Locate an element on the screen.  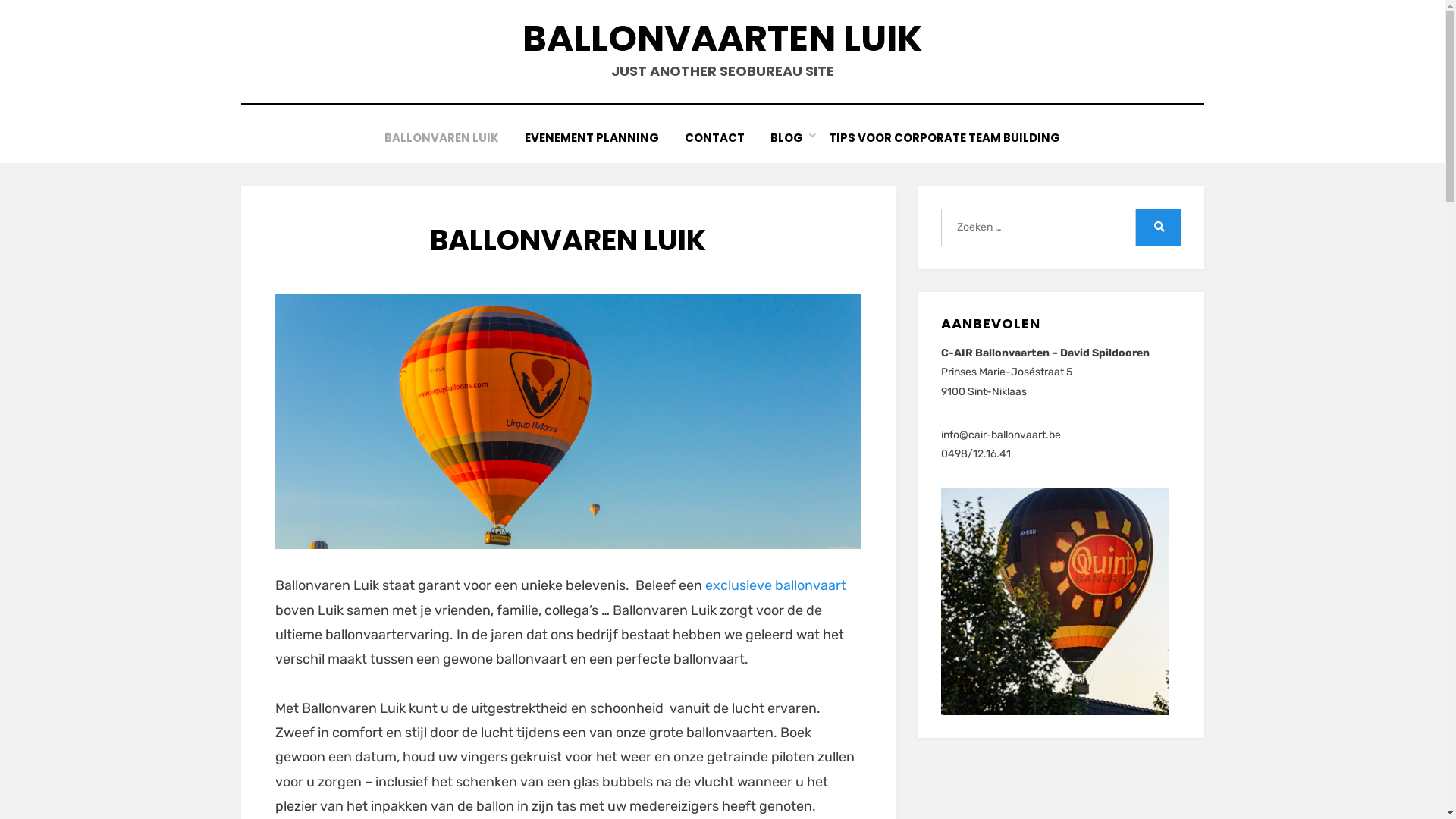
'CONTACT' is located at coordinates (714, 137).